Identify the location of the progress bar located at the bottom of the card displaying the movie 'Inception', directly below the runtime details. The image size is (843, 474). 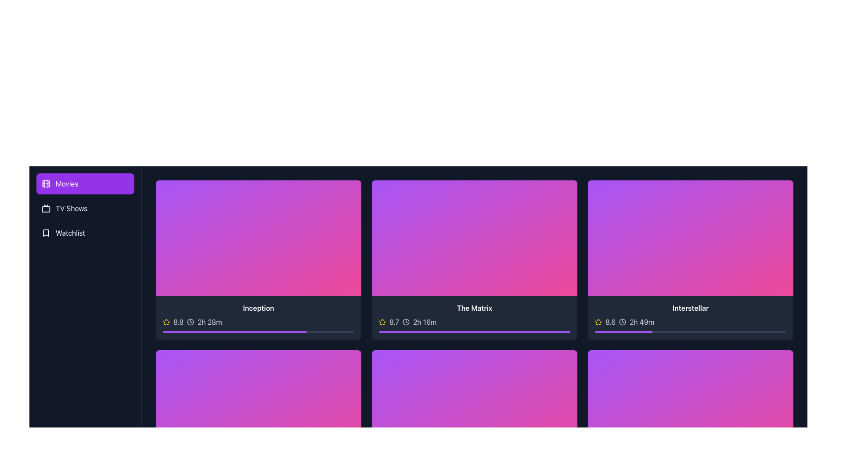
(258, 332).